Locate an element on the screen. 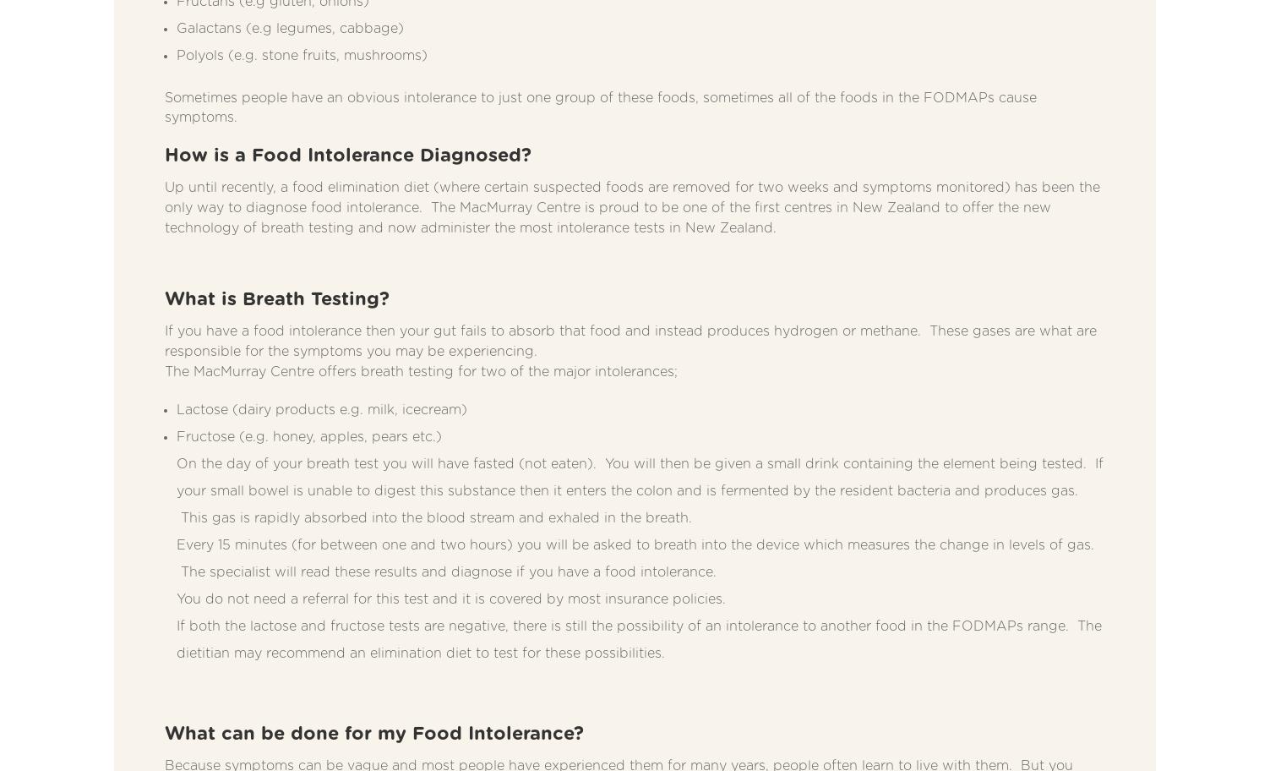 The width and height of the screenshot is (1270, 771). 'If you have a food intolerance then your gut fails to absorb that food and instead produces hydrogen or methane.  These gases are what are responsible for the symptoms you may be experiencing.' is located at coordinates (630, 342).